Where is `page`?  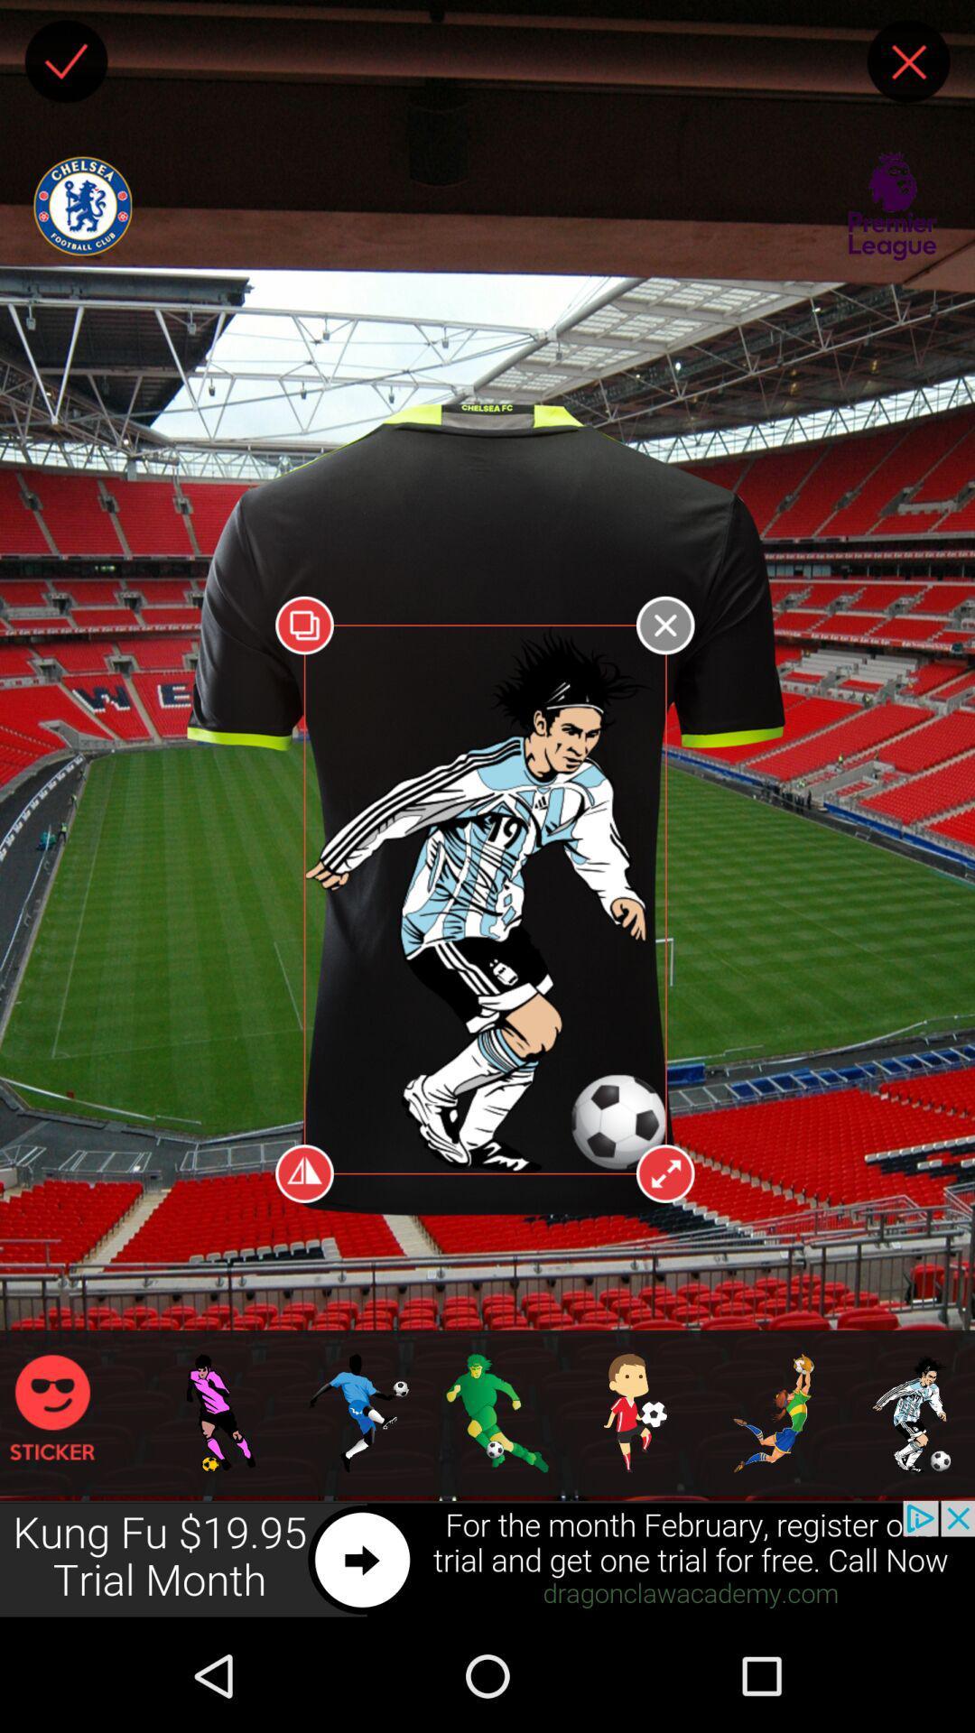
page is located at coordinates (908, 61).